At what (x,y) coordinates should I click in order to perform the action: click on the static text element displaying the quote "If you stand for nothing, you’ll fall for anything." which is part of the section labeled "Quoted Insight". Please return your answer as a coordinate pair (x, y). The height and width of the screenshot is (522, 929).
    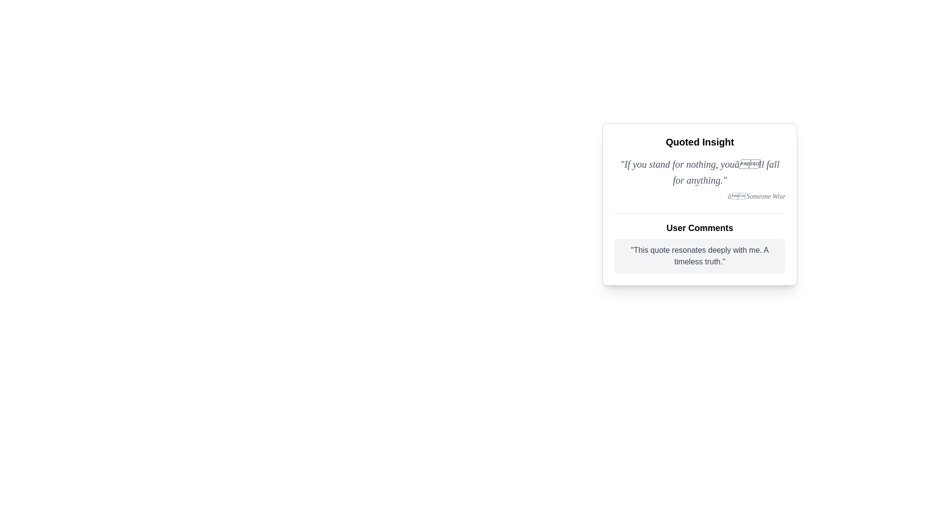
    Looking at the image, I should click on (700, 172).